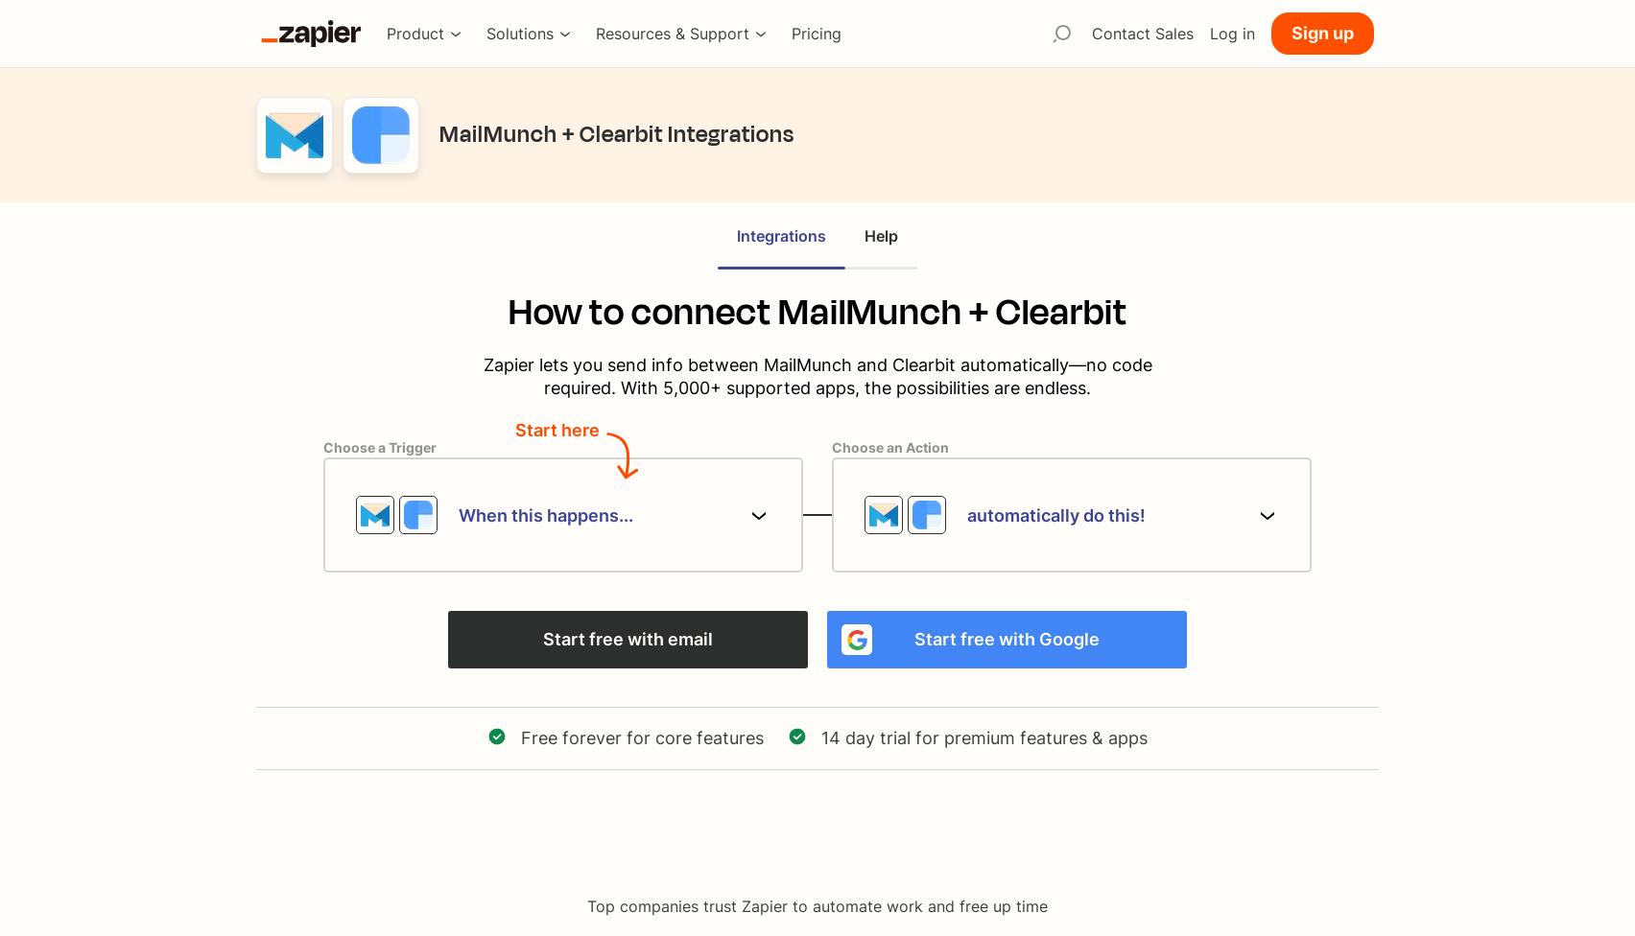 The height and width of the screenshot is (936, 1635). Describe the element at coordinates (816, 312) in the screenshot. I see `'How to connect MailMunch + Clearbit'` at that location.